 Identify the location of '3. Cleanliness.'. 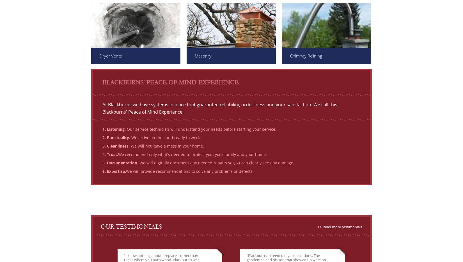
(116, 146).